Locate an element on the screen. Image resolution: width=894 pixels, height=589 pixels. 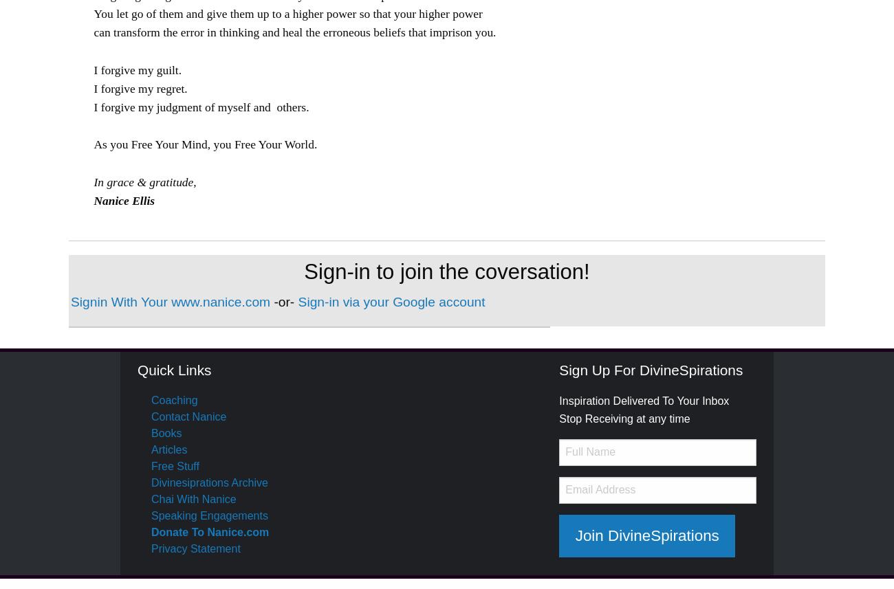
'Articles' is located at coordinates (150, 449).